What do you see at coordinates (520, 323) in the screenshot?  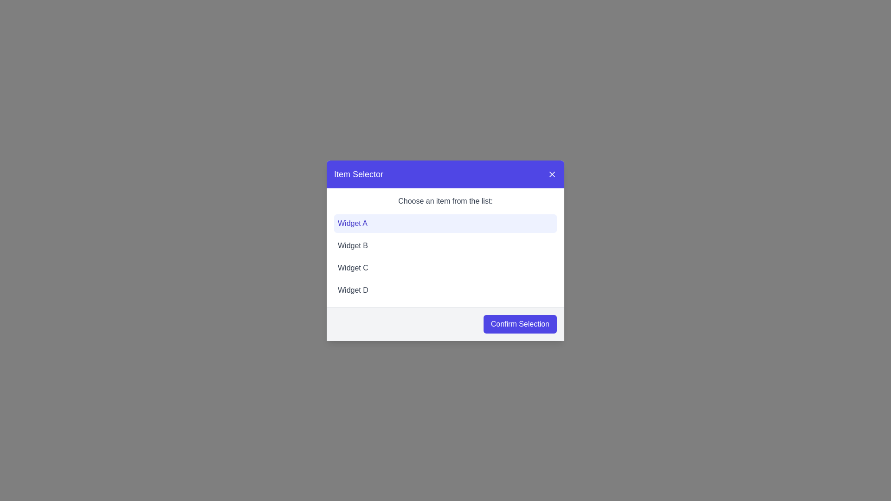 I see `the confirmation button located at the bottom-right corner of the modal dialog to observe its hover effect` at bounding box center [520, 323].